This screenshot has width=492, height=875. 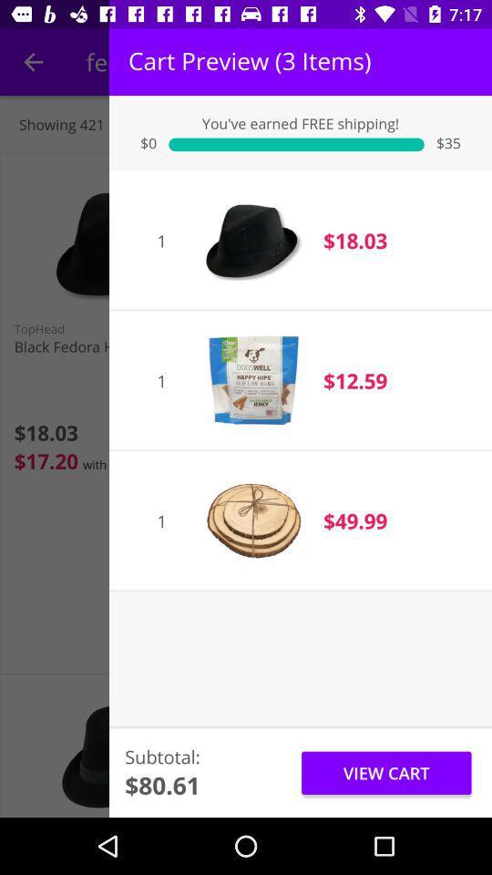 What do you see at coordinates (251, 520) in the screenshot?
I see `the image on left side of 4999` at bounding box center [251, 520].